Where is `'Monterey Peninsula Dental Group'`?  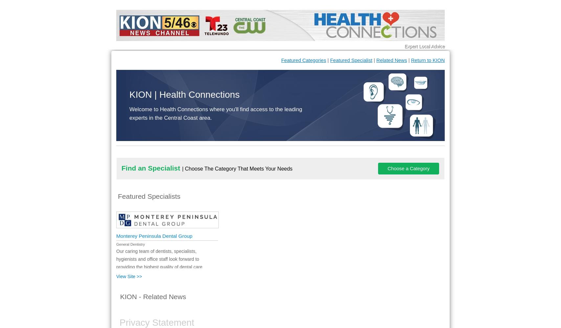
'Monterey Peninsula Dental Group' is located at coordinates (116, 236).